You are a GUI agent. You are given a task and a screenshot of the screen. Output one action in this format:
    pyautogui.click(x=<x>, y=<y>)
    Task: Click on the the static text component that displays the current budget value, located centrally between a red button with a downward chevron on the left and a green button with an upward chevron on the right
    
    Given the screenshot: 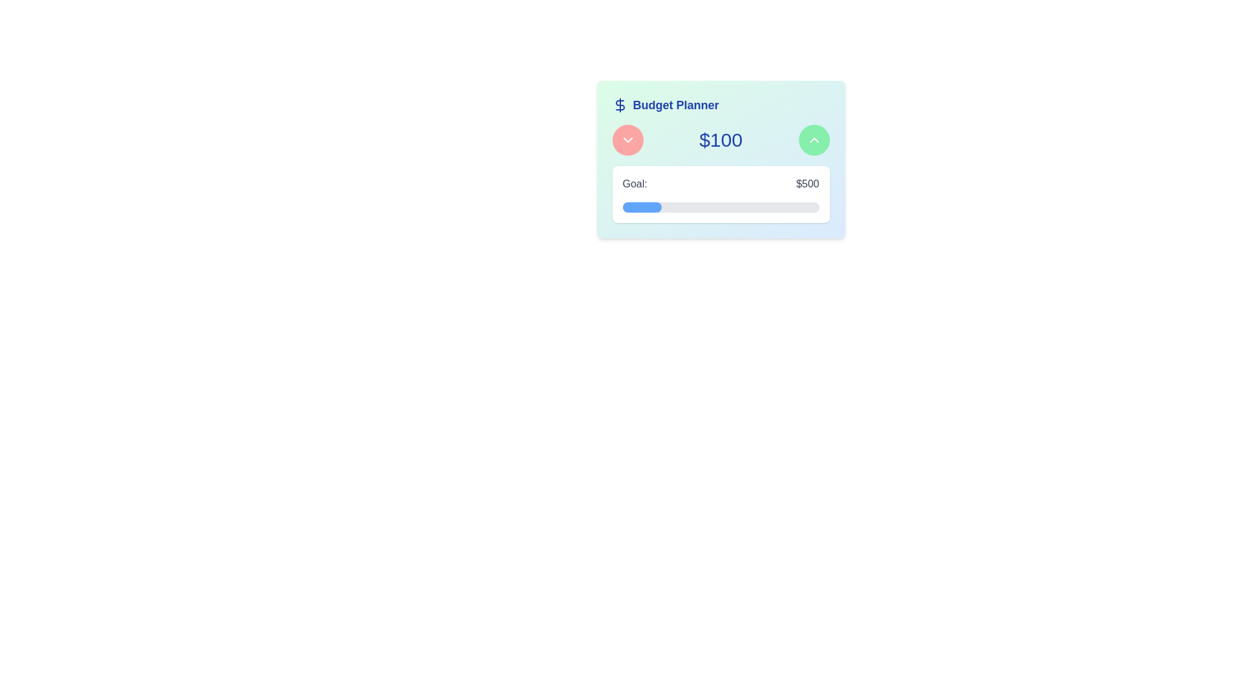 What is the action you would take?
    pyautogui.click(x=720, y=140)
    